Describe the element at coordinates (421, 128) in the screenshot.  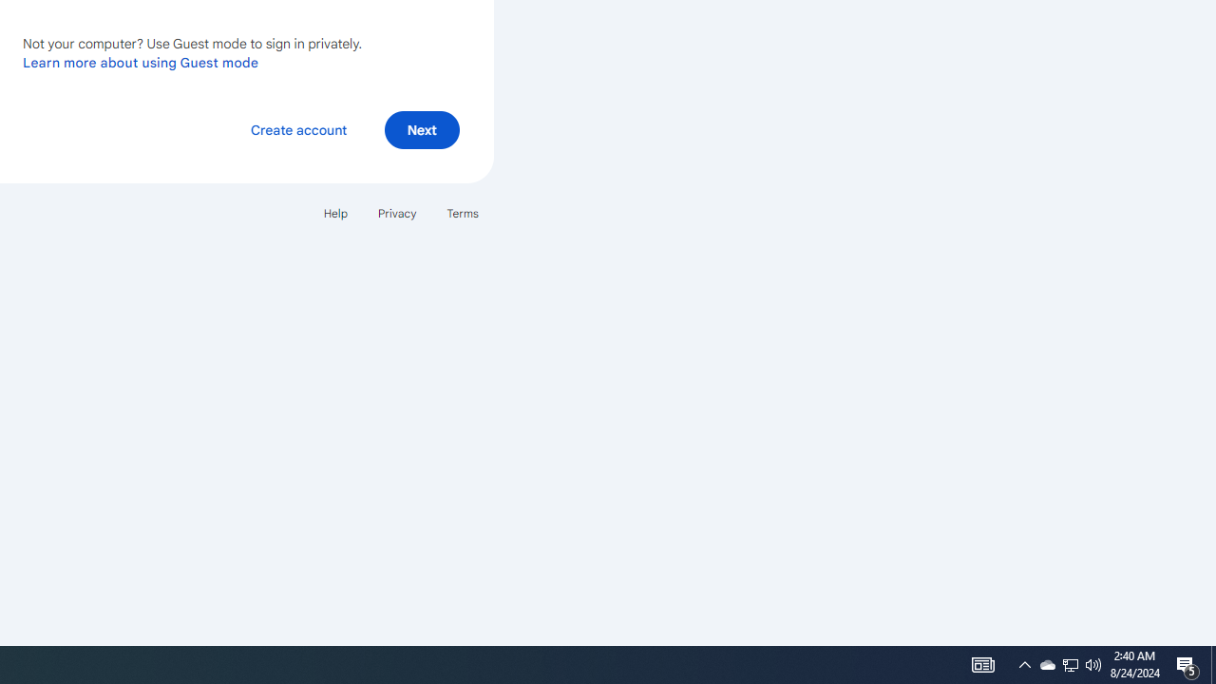
I see `'Next'` at that location.